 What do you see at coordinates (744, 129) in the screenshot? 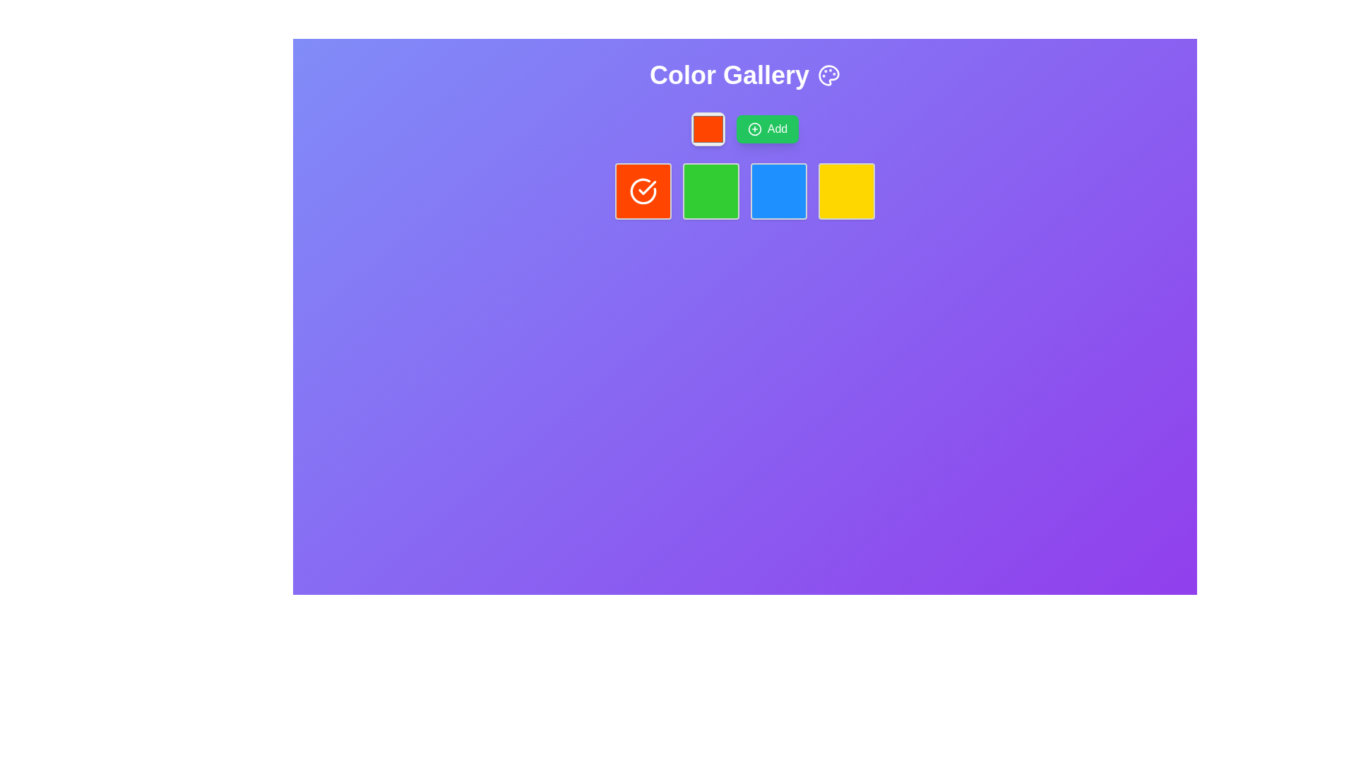
I see `the 'Add' button located below the 'Color Gallery' heading, which is the second element in its group and positioned to the right of an orange square box` at bounding box center [744, 129].